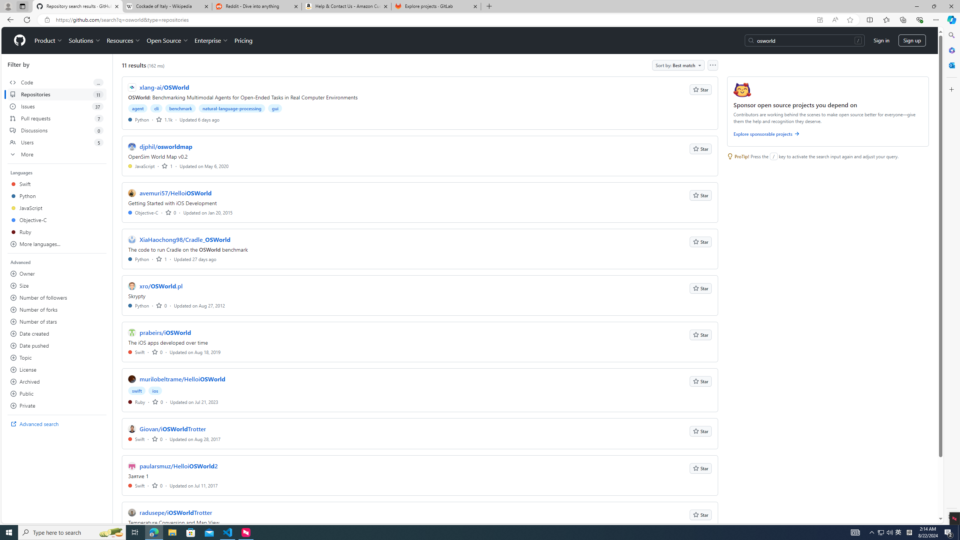  Describe the element at coordinates (934, 6) in the screenshot. I see `'Restore'` at that location.